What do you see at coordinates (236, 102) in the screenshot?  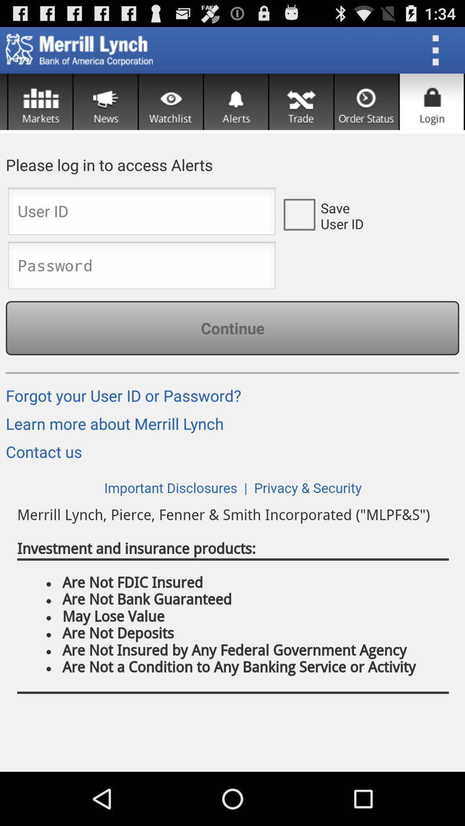 I see `alerts button` at bounding box center [236, 102].